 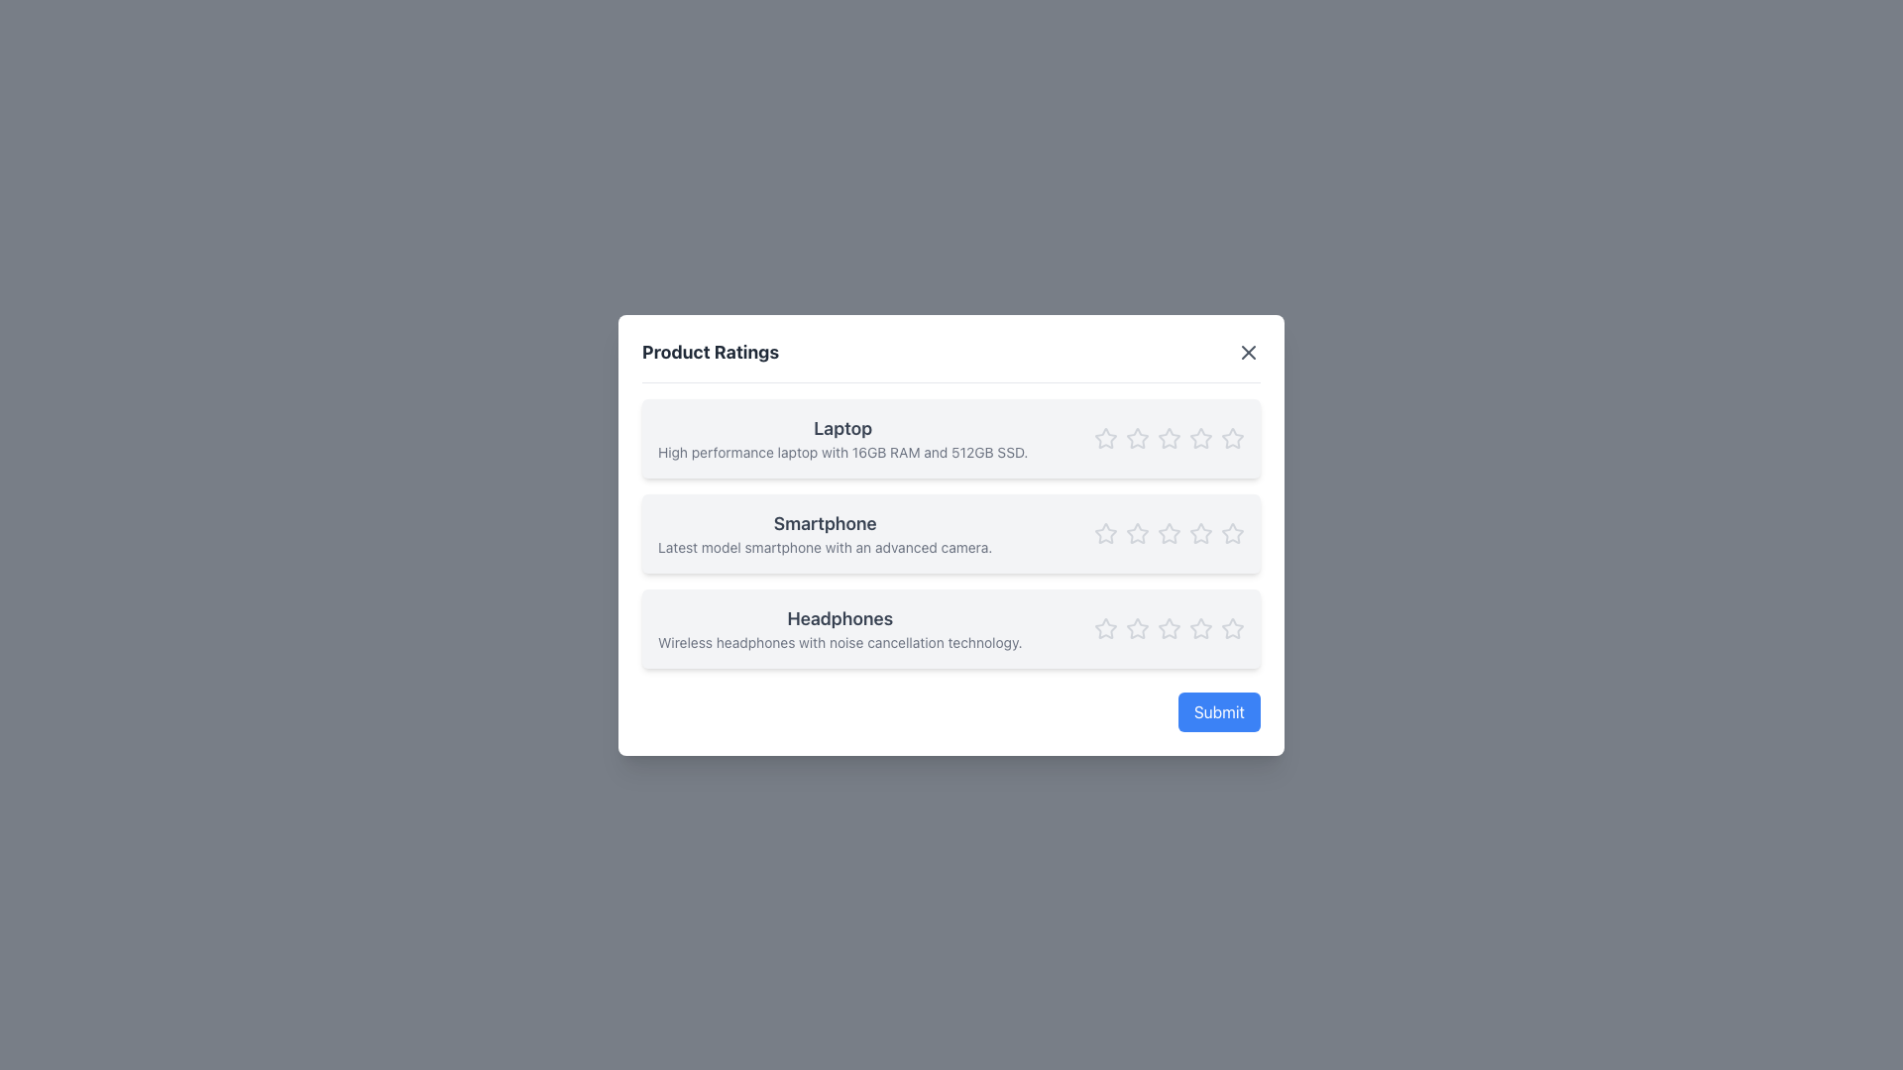 I want to click on the static text label indicating the product type, which is located above the description text 'High performance laptop with 16GB RAM and 512GB SSD.', so click(x=842, y=427).